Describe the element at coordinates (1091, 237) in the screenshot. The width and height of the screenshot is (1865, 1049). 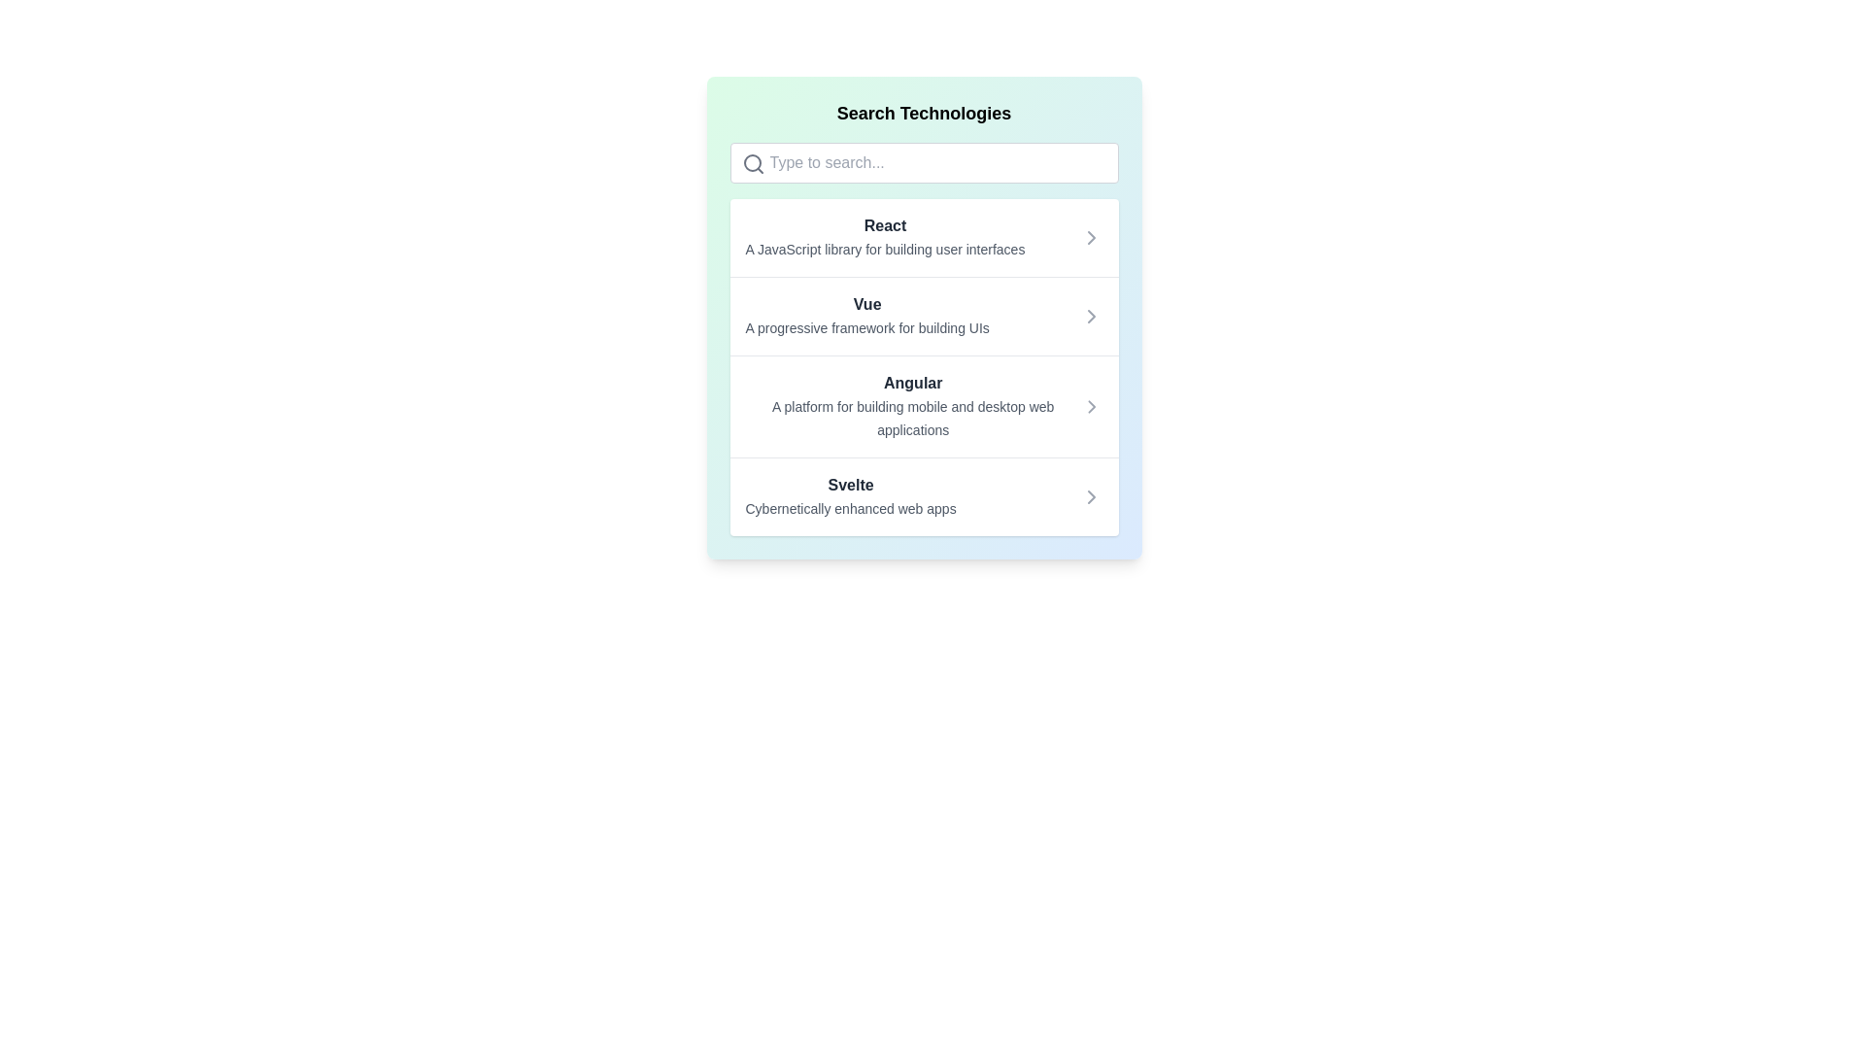
I see `the chevron icon on the right edge of the 'React' list item` at that location.